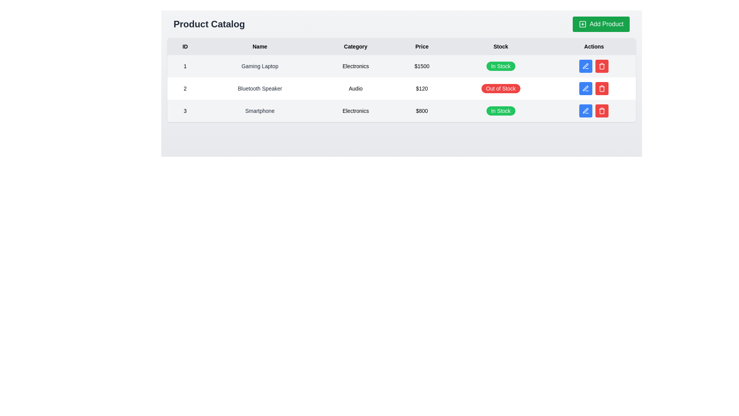  What do you see at coordinates (260, 66) in the screenshot?
I see `the Text label that represents the name or title of a product in the Name column of the first row in the table` at bounding box center [260, 66].